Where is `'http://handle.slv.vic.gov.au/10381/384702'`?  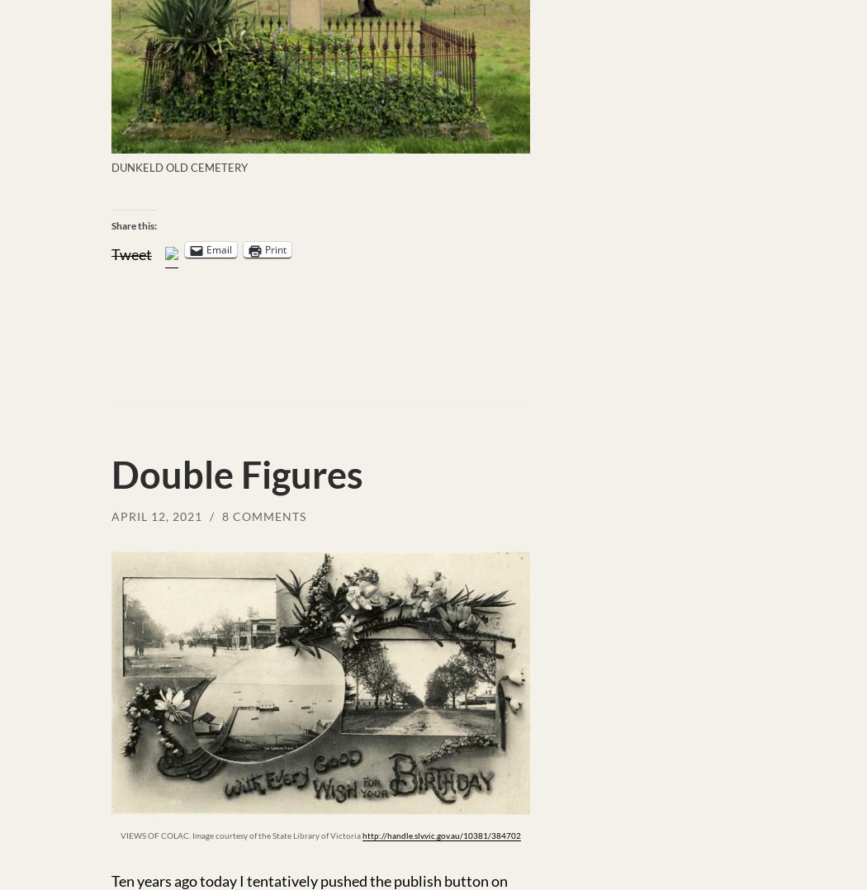
'http://handle.slv.vic.gov.au/10381/384702' is located at coordinates (362, 835).